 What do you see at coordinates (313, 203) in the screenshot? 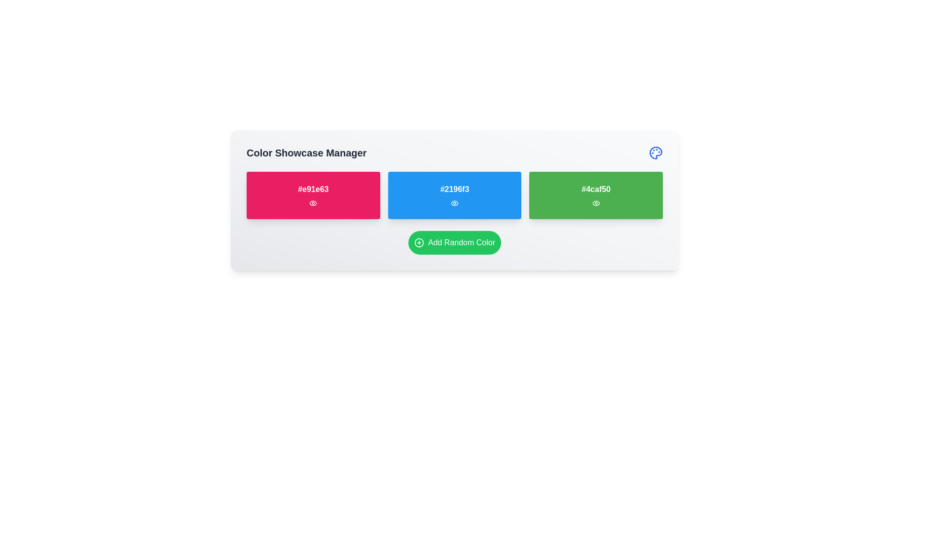
I see `the eye icon, which is a white vector graphic centered at the bottom of the pink card with the background color '#e91e63'` at bounding box center [313, 203].